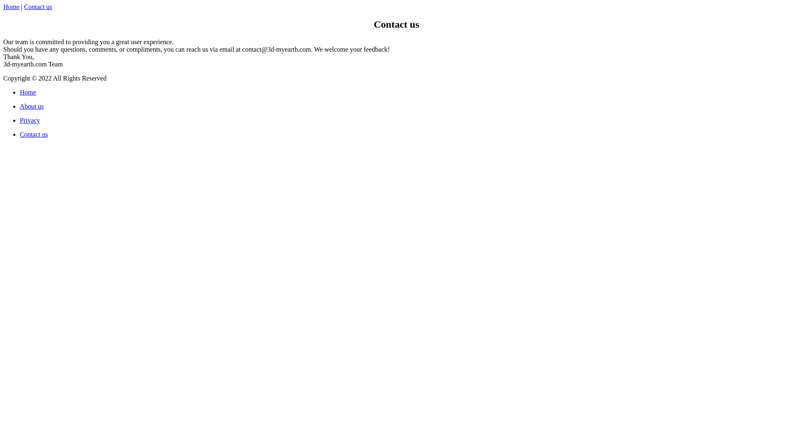 This screenshot has height=446, width=793. What do you see at coordinates (30, 120) in the screenshot?
I see `'Privacy'` at bounding box center [30, 120].